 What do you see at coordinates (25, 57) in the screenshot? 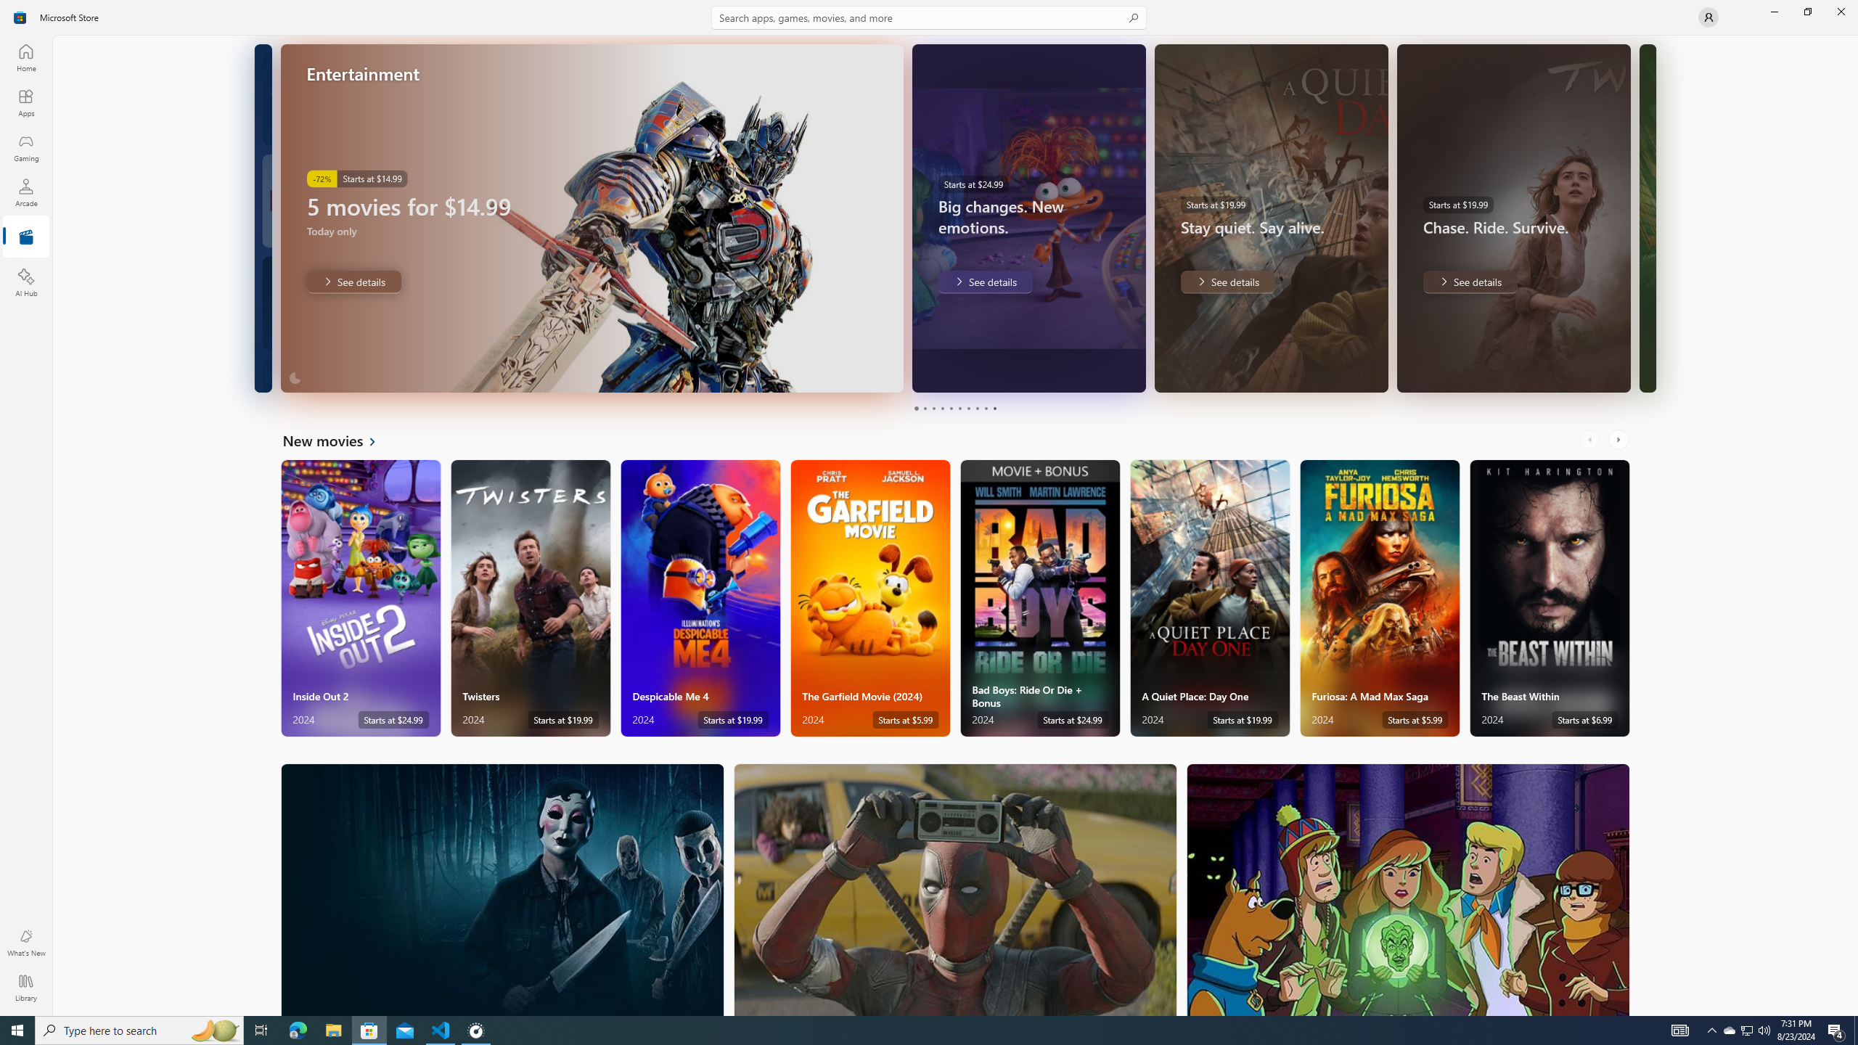
I see `'Home'` at bounding box center [25, 57].